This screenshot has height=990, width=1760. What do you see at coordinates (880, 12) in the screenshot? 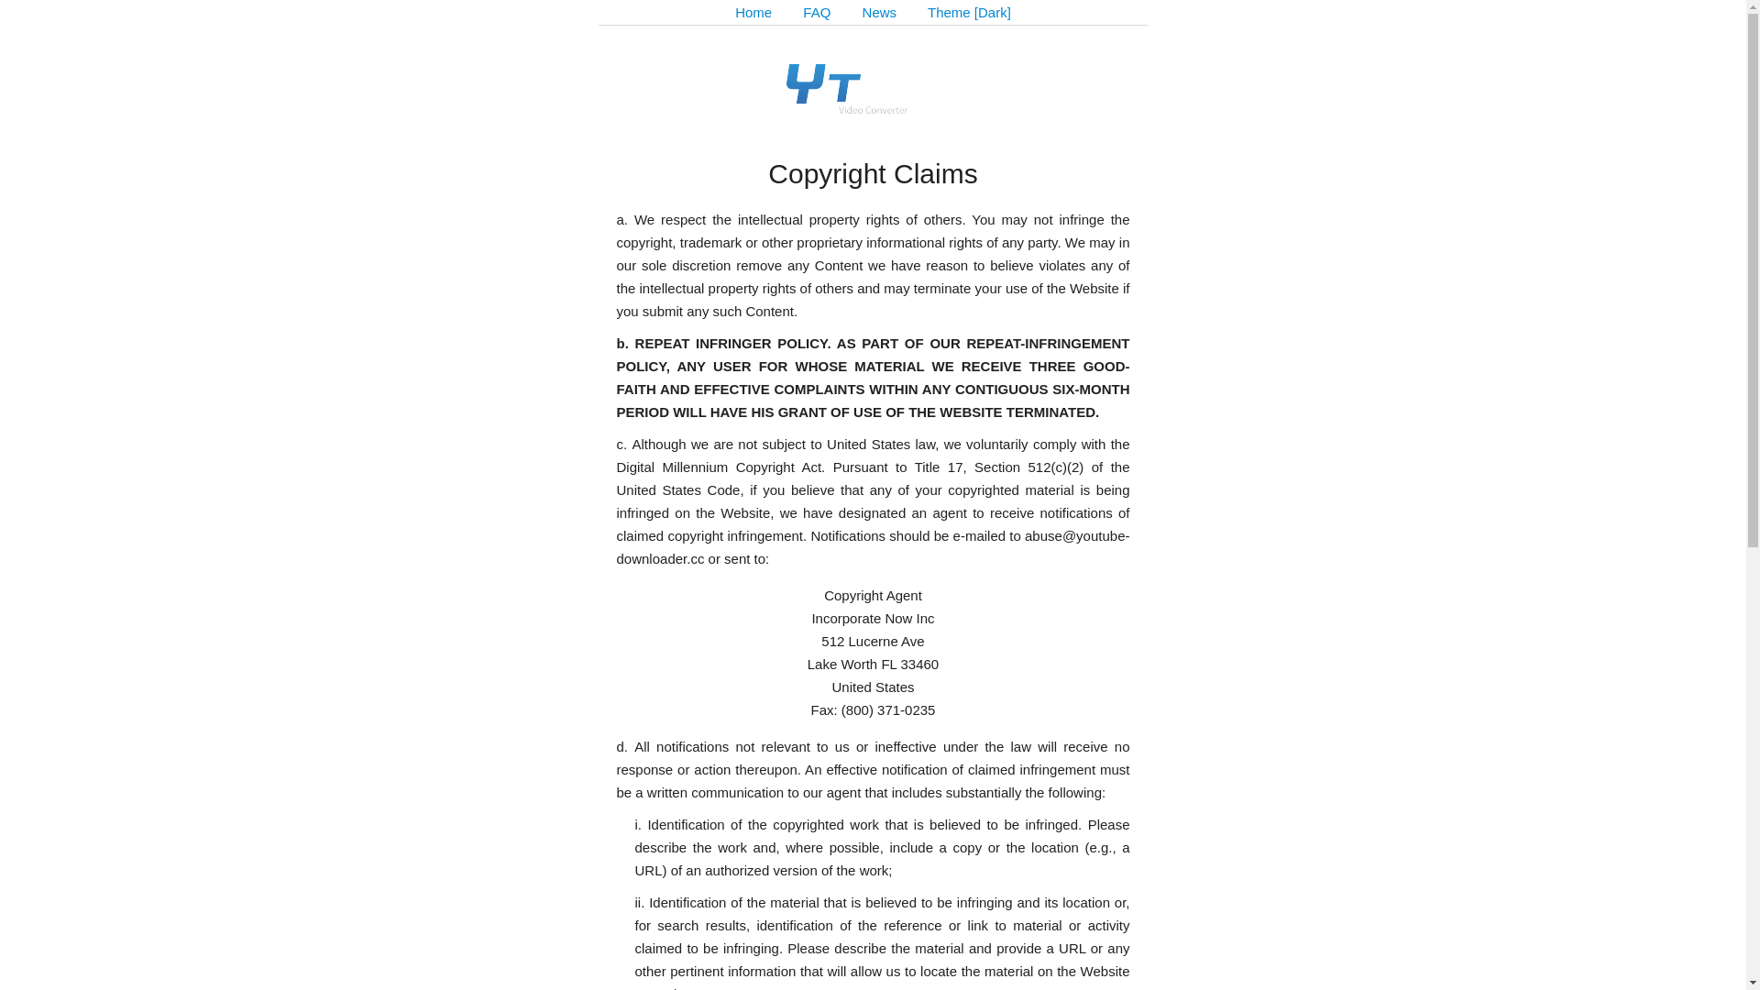
I see `'News'` at bounding box center [880, 12].